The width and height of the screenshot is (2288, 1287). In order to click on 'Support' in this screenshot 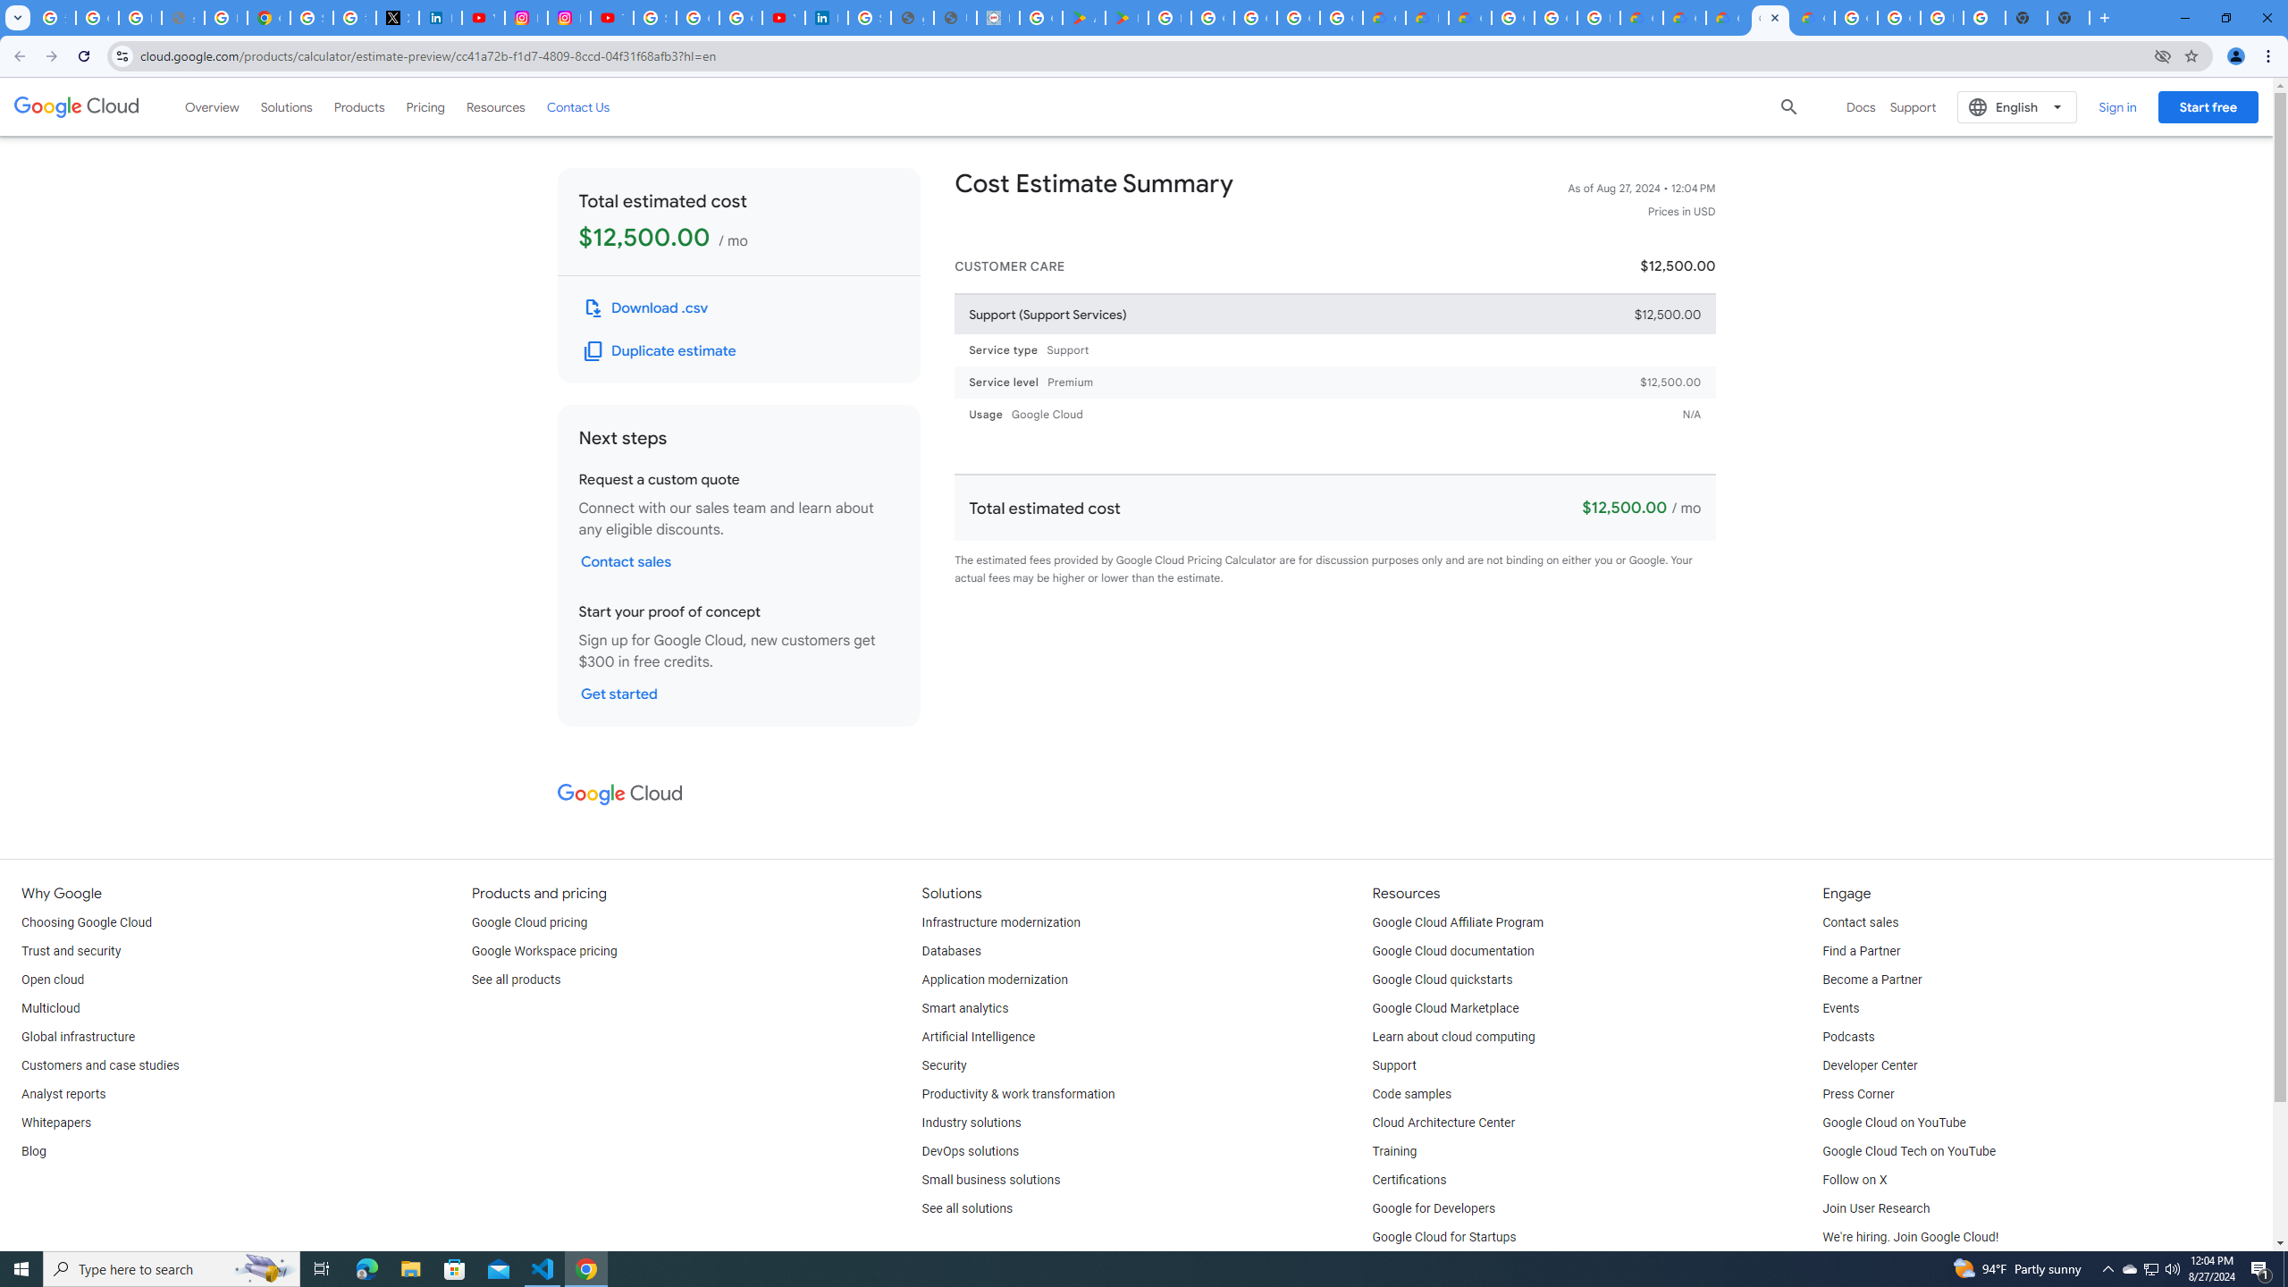, I will do `click(1394, 1065)`.